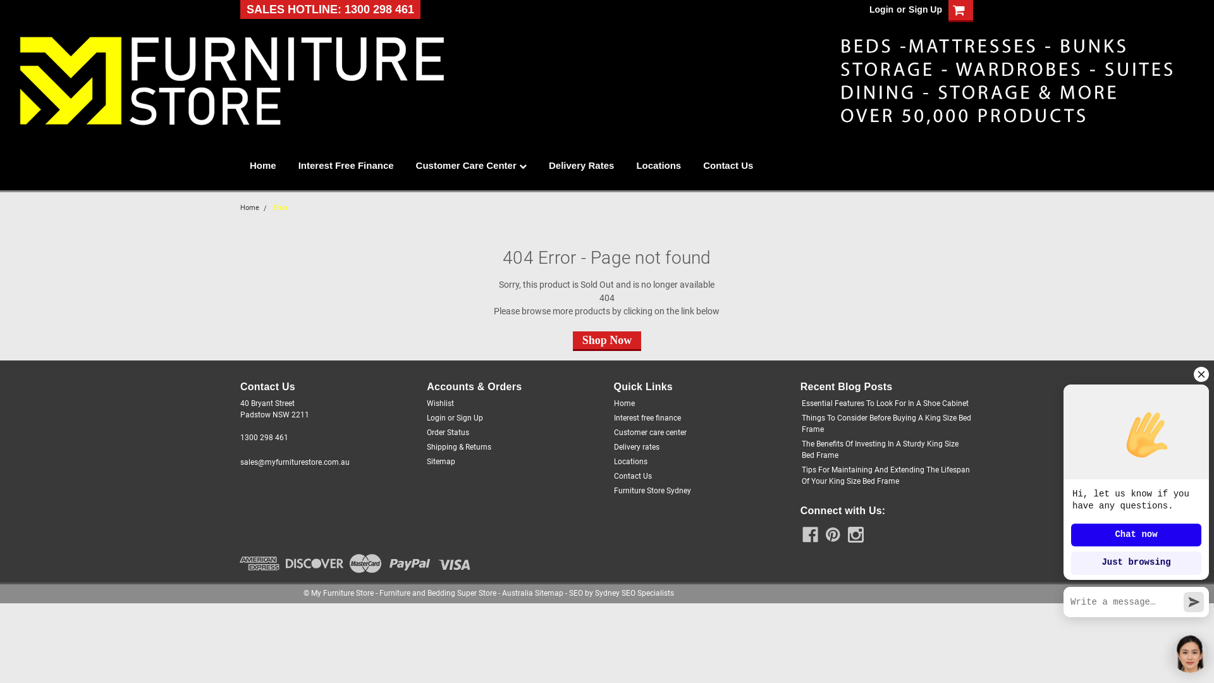 This screenshot has width=1214, height=683. What do you see at coordinates (607, 339) in the screenshot?
I see `'Shop Now'` at bounding box center [607, 339].